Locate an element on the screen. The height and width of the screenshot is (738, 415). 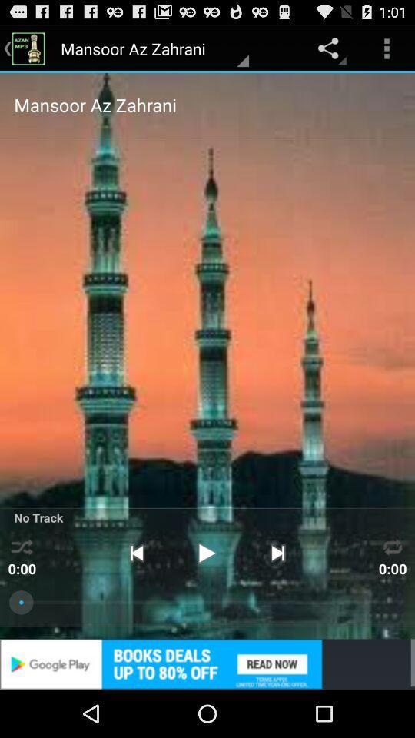
the skip_next icon is located at coordinates (277, 590).